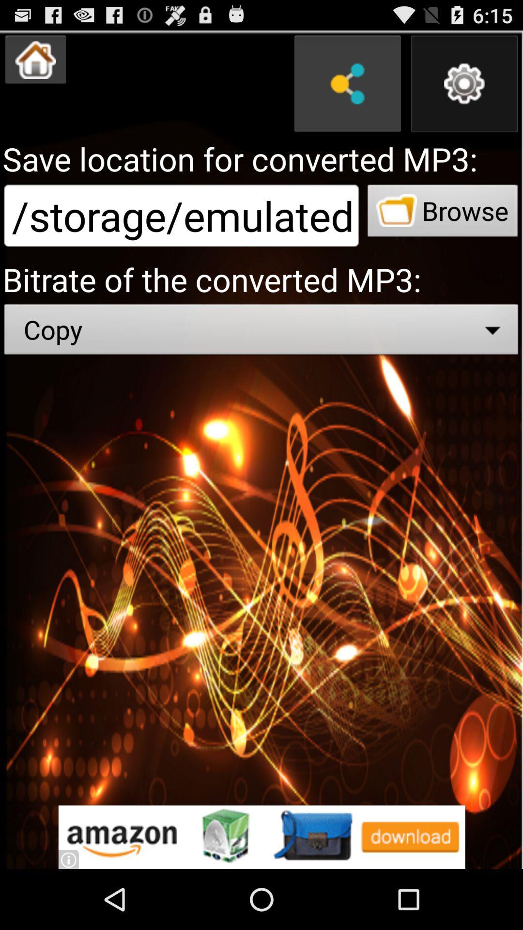  What do you see at coordinates (261, 837) in the screenshot?
I see `advertising` at bounding box center [261, 837].